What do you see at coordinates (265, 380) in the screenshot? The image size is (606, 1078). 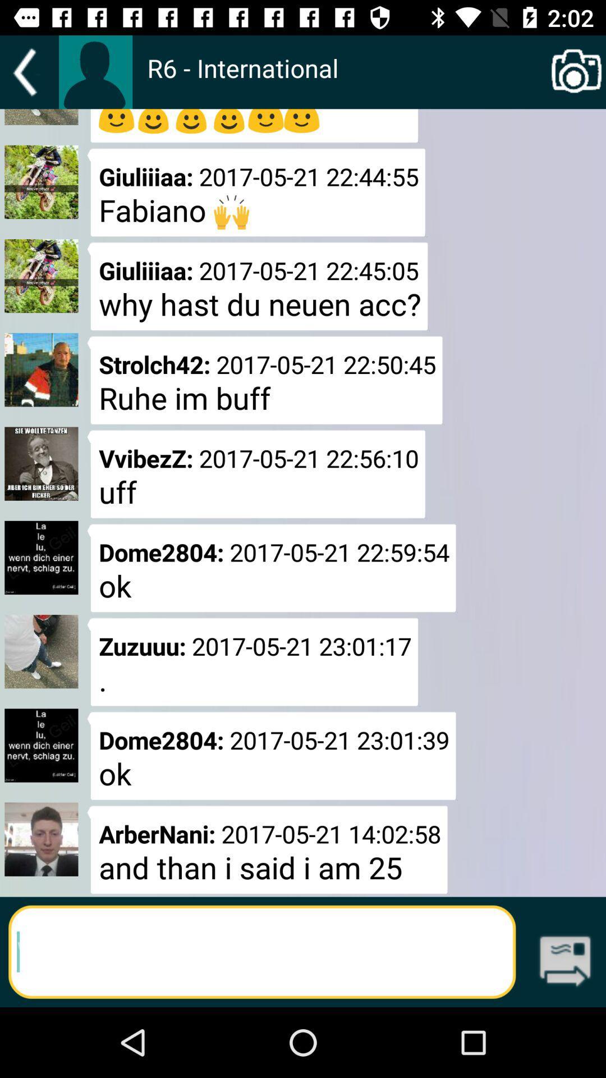 I see `the app below the giuliiiaa 2017 05 item` at bounding box center [265, 380].